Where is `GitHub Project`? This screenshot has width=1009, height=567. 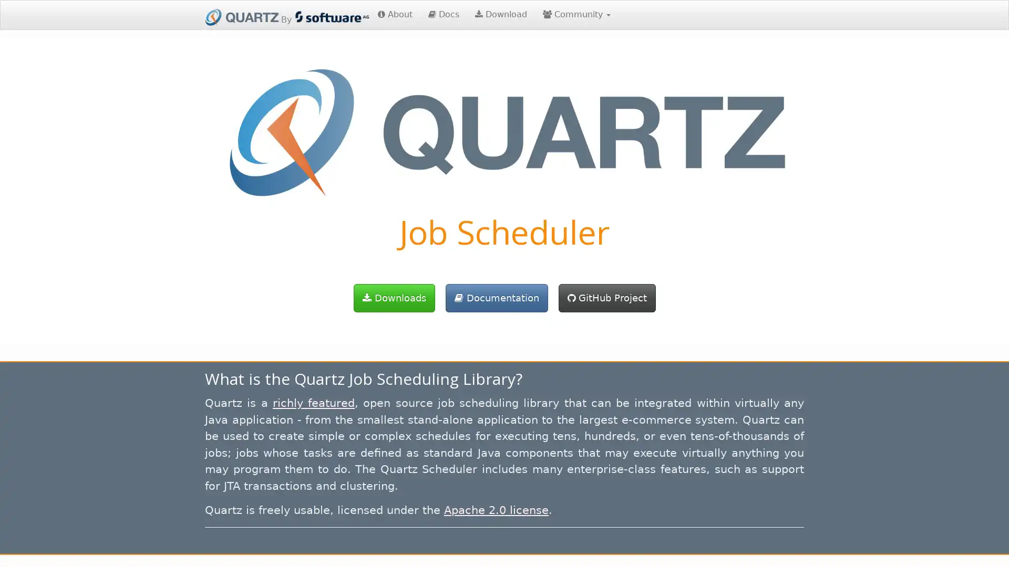
GitHub Project is located at coordinates (606, 298).